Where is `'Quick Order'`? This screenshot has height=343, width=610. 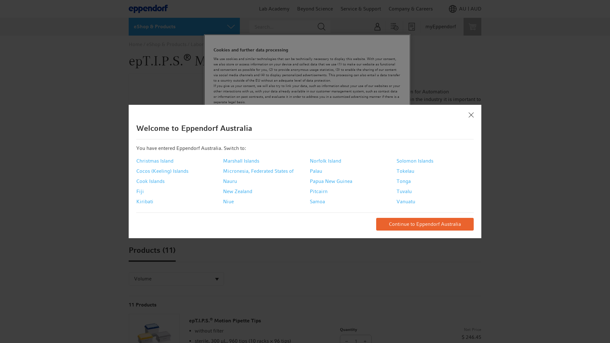
'Quick Order' is located at coordinates (394, 26).